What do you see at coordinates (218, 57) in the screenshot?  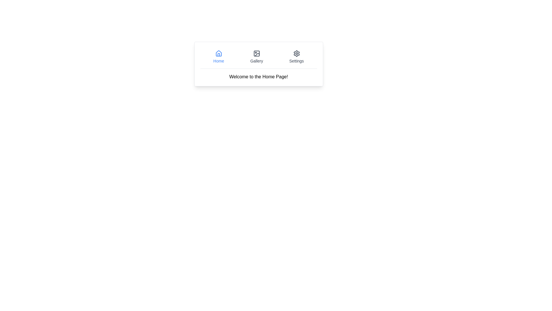 I see `the 'Home' button, which features a blue house icon and is positioned to the left of the 'Gallery' and 'Settings' buttons` at bounding box center [218, 57].